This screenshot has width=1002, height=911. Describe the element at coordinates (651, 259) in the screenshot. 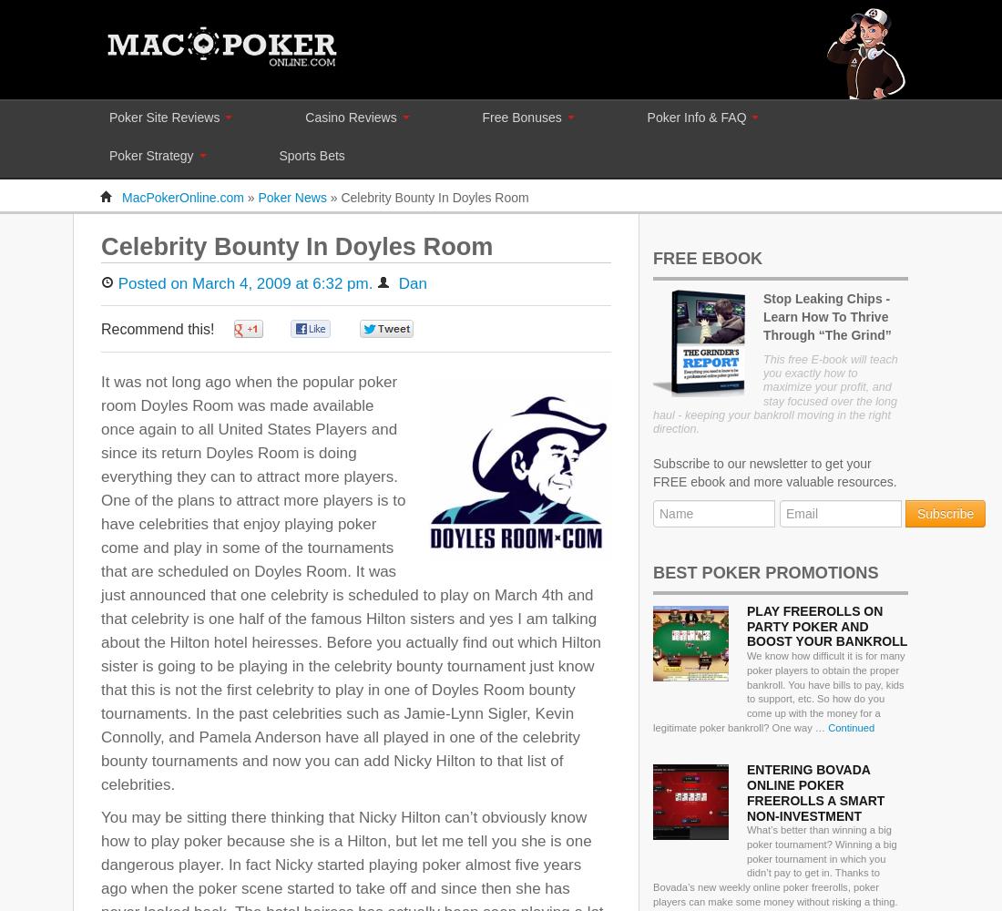

I see `'Free eBook'` at that location.